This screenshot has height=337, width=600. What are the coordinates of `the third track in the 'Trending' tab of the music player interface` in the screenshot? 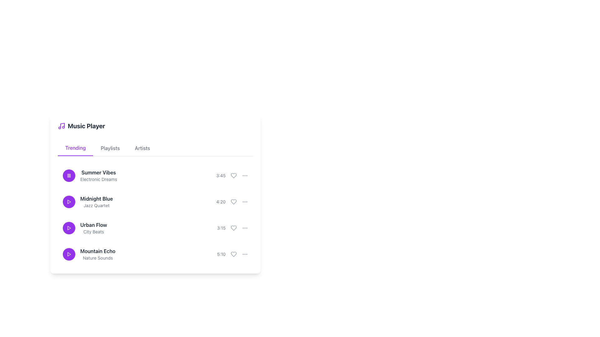 It's located at (84, 228).